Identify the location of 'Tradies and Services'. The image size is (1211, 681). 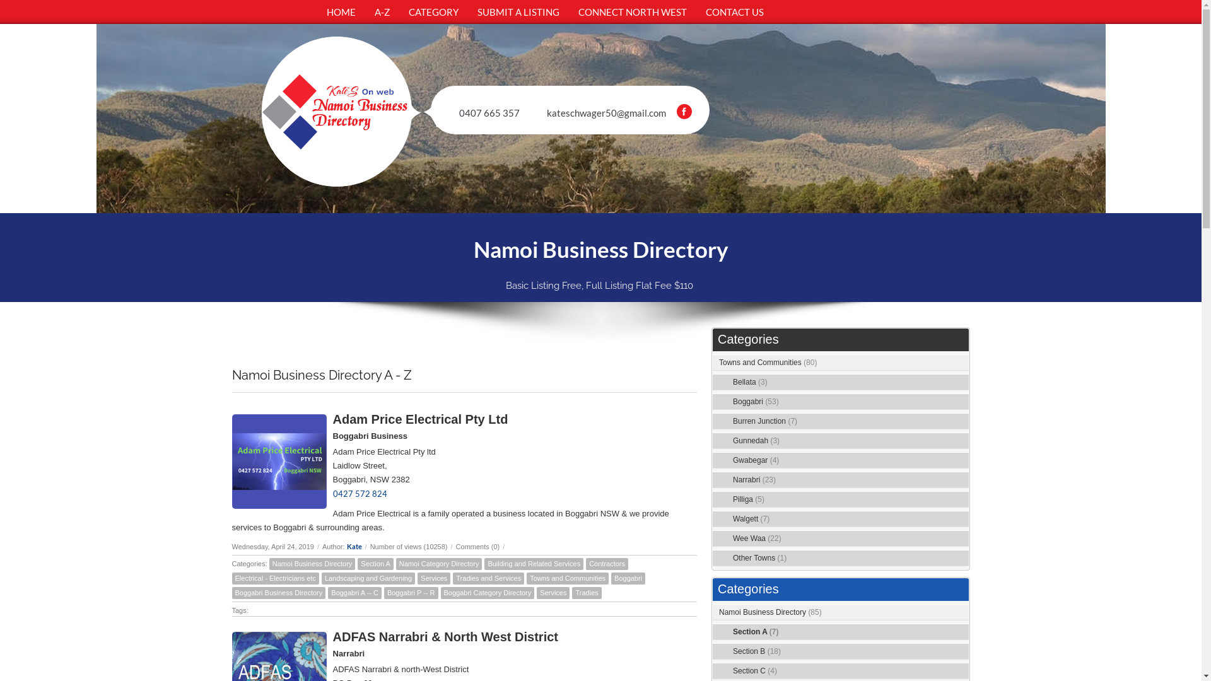
(453, 578).